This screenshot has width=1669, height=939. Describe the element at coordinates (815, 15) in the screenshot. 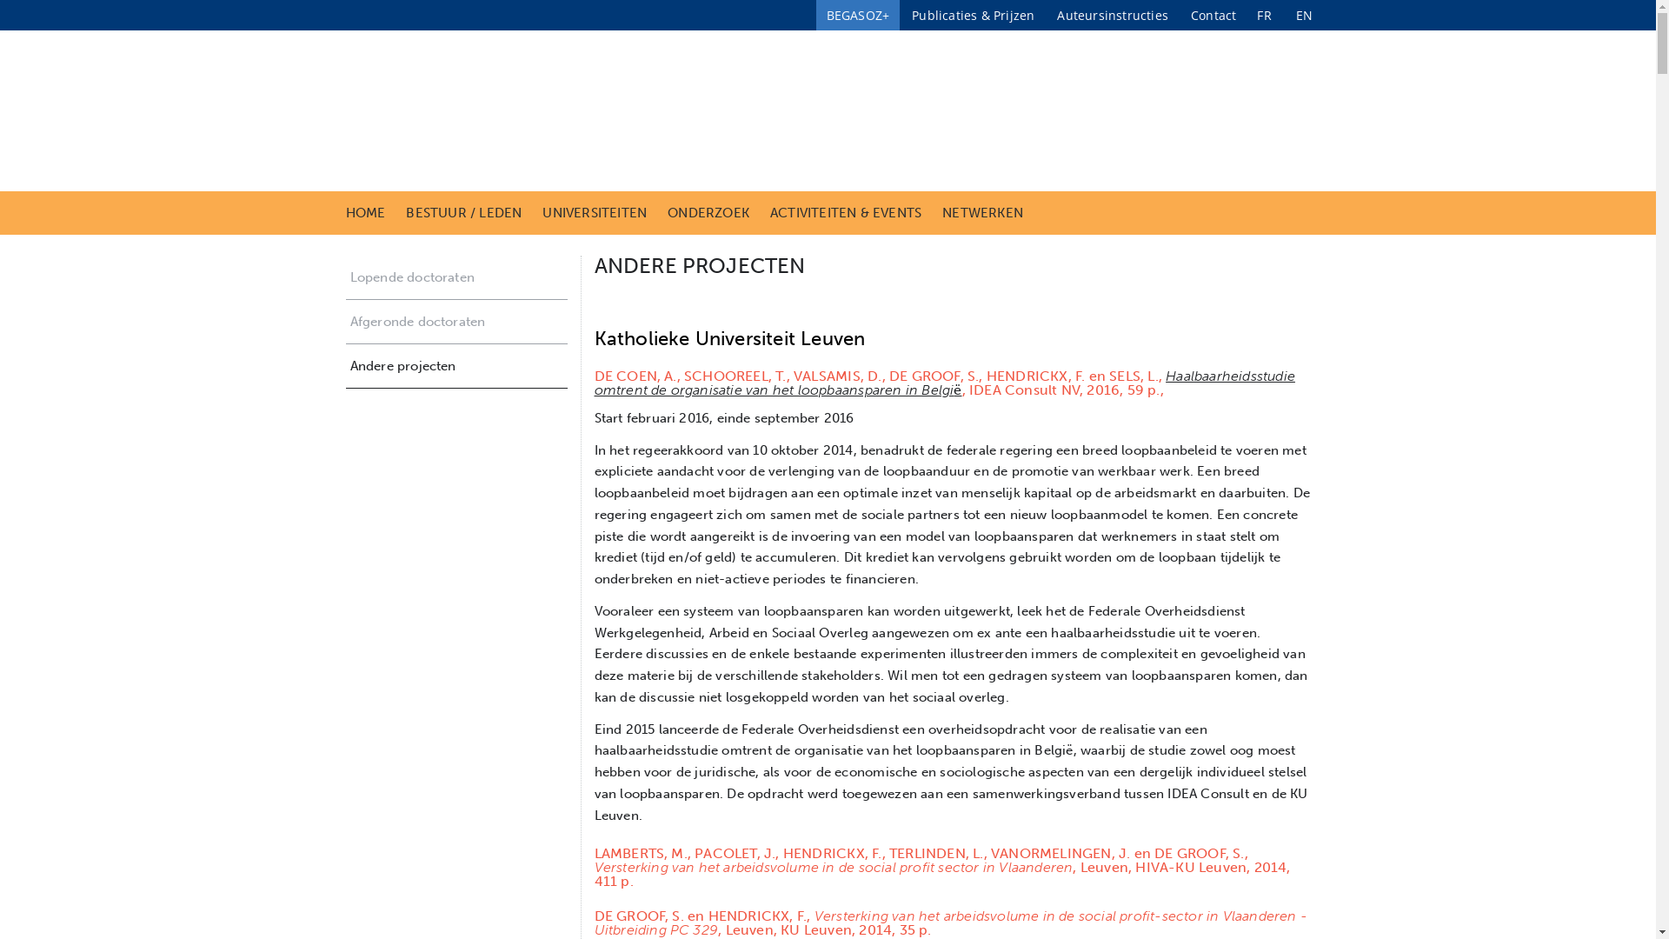

I see `'BEGASOZ+'` at that location.